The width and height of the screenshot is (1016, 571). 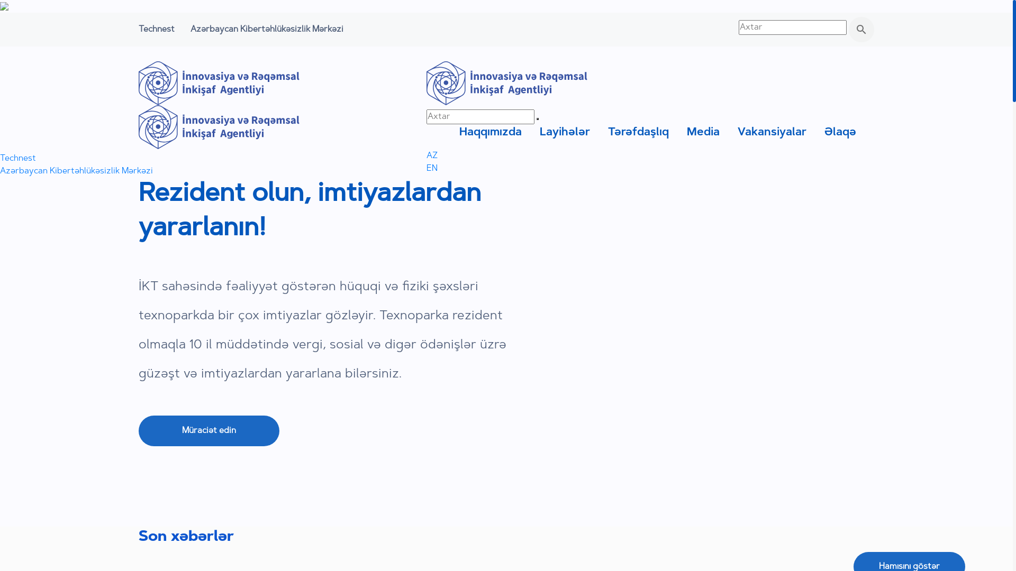 I want to click on 'AZ', so click(x=427, y=155).